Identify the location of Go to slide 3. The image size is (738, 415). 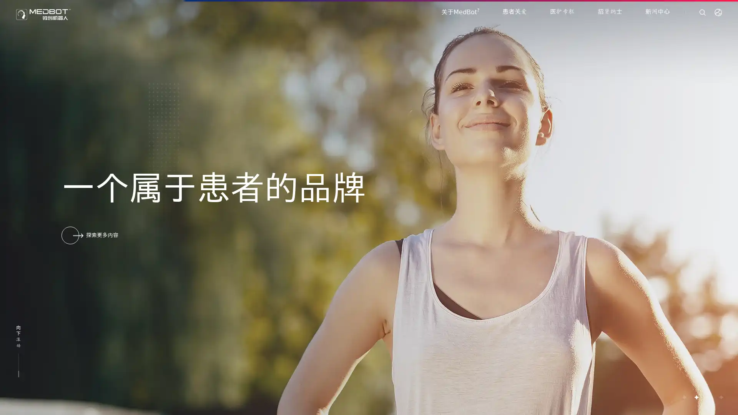
(708, 397).